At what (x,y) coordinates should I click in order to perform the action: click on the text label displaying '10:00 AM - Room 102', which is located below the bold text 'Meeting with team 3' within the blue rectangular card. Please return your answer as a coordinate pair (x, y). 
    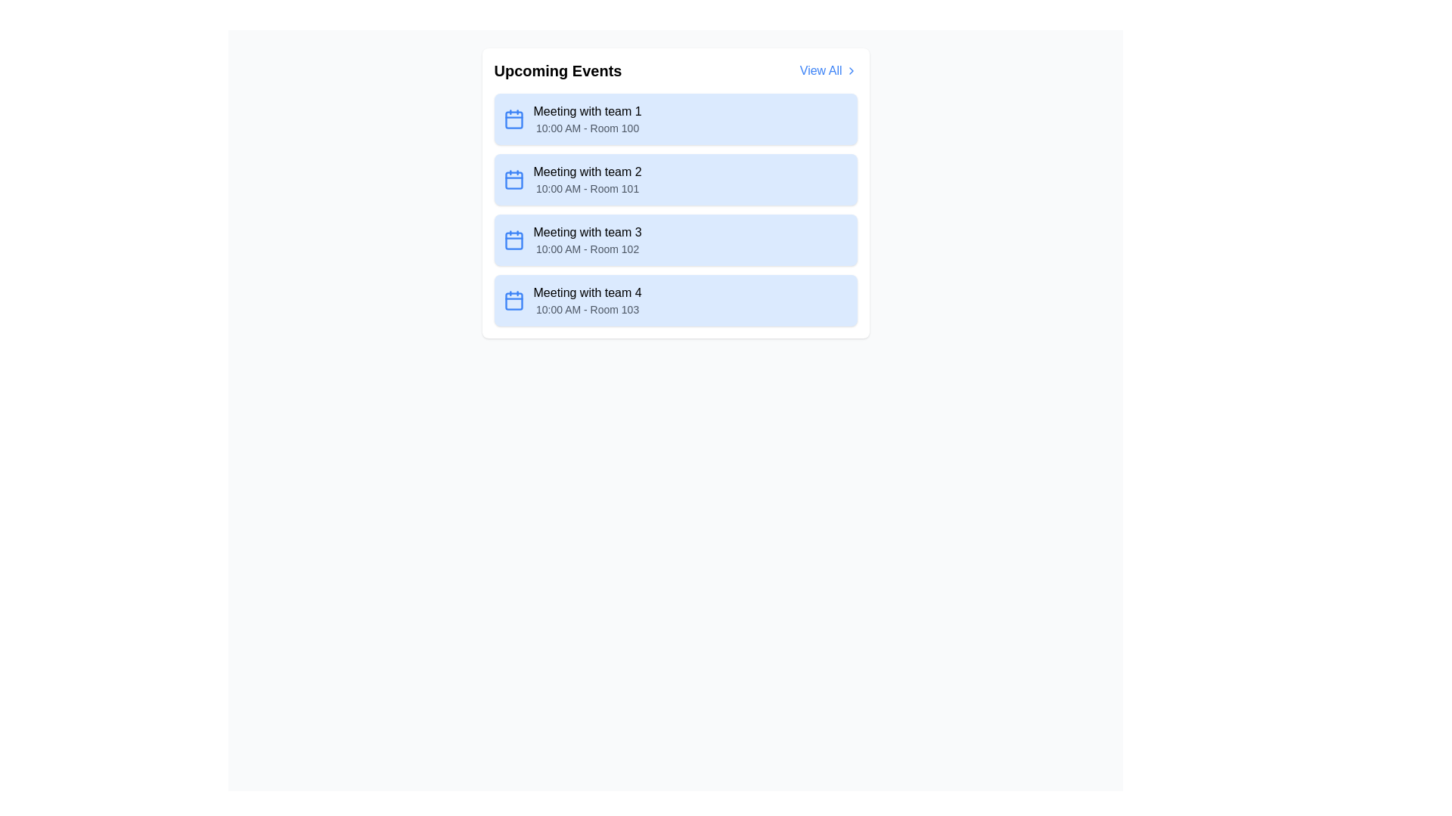
    Looking at the image, I should click on (587, 249).